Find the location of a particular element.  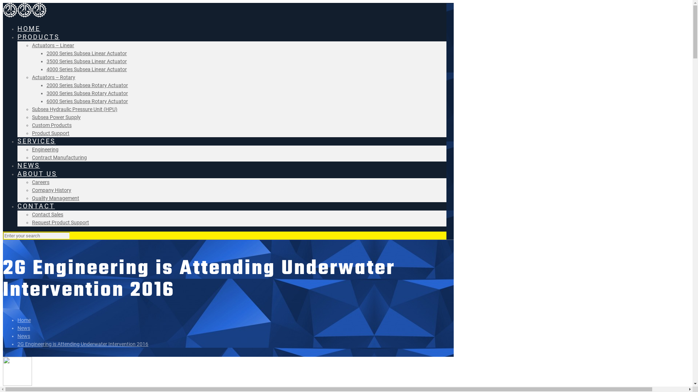

'Careers' is located at coordinates (40, 181).